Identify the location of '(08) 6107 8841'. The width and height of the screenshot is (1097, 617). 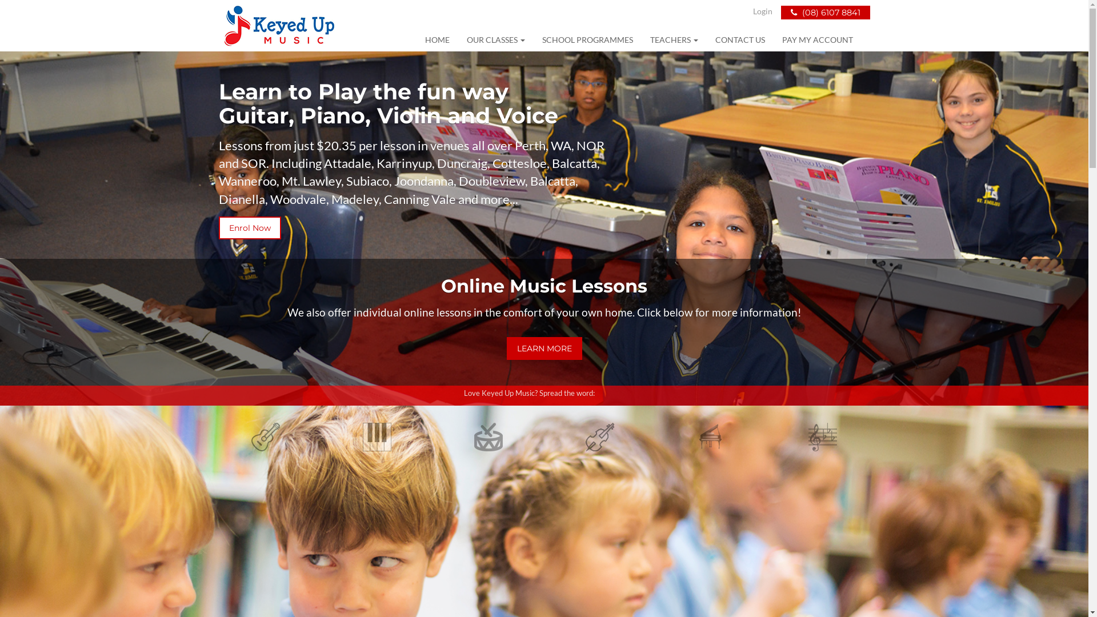
(825, 13).